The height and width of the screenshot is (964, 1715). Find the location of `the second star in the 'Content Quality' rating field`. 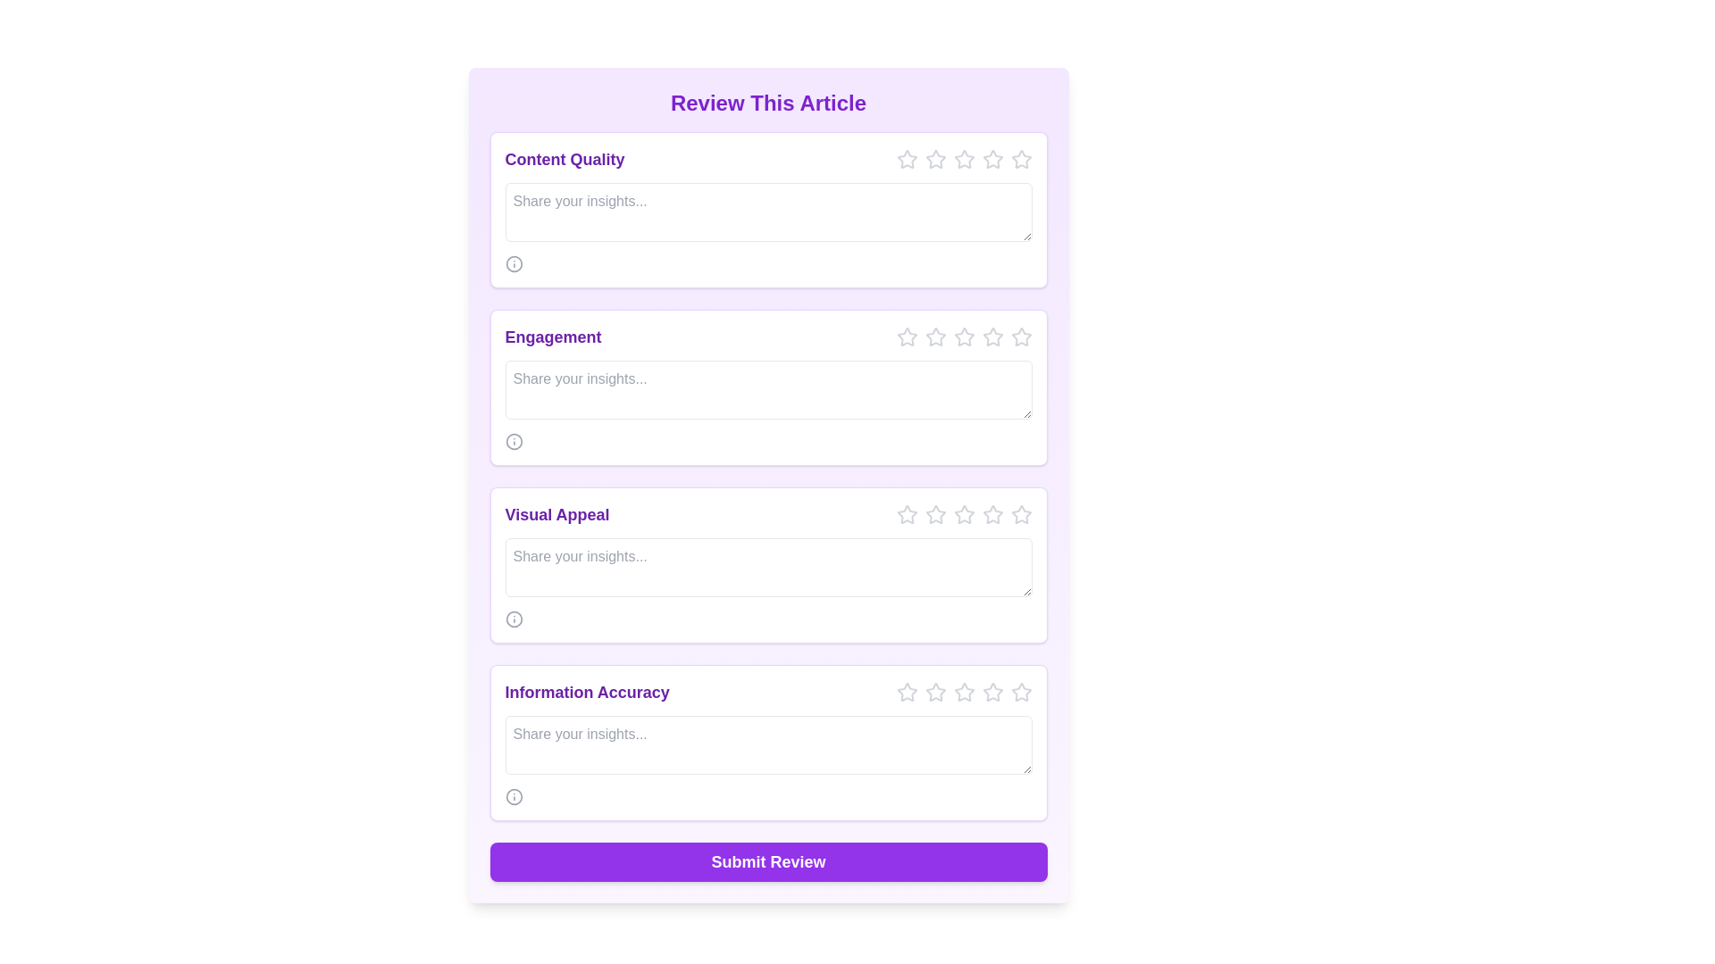

the second star in the 'Content Quality' rating field is located at coordinates (934, 158).